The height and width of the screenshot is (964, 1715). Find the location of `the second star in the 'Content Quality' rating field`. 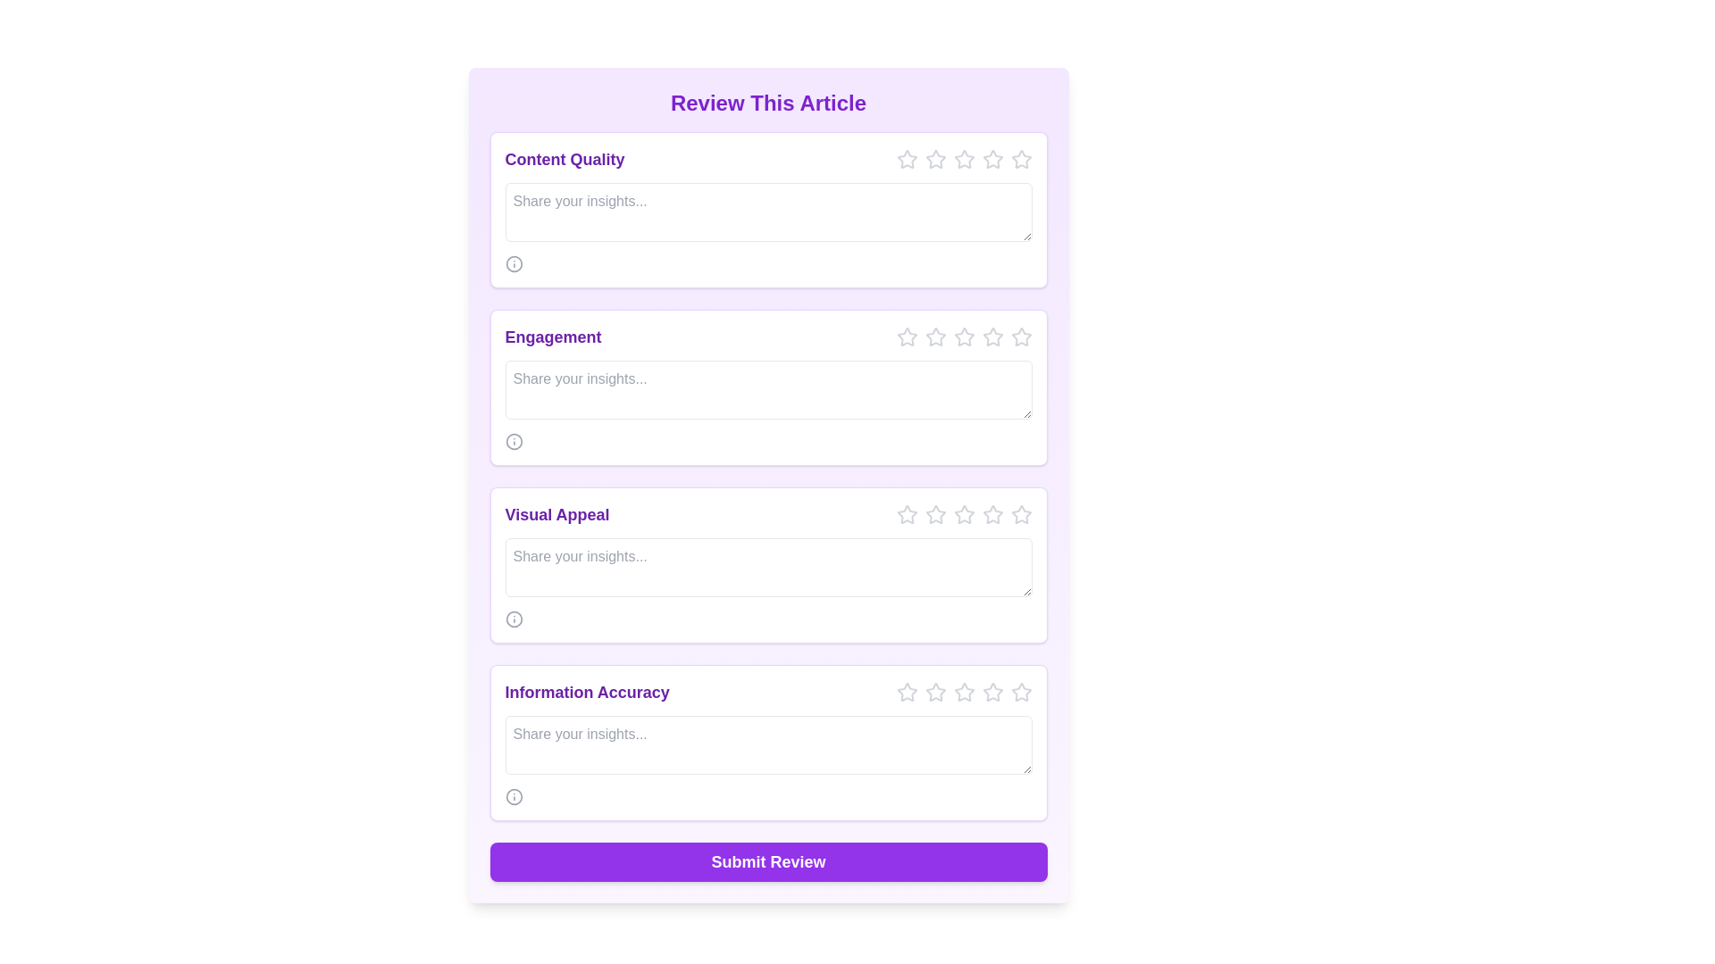

the second star in the 'Content Quality' rating field is located at coordinates (934, 158).